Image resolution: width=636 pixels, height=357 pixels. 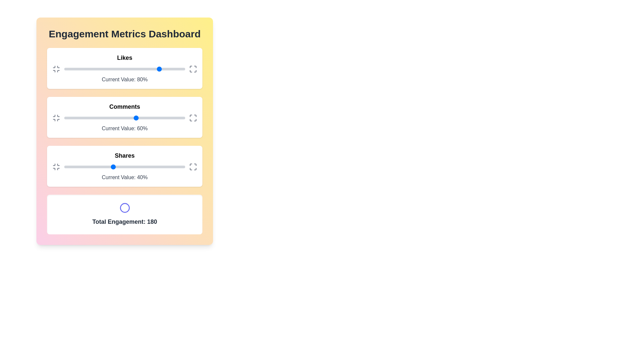 I want to click on the comments slider, so click(x=154, y=118).